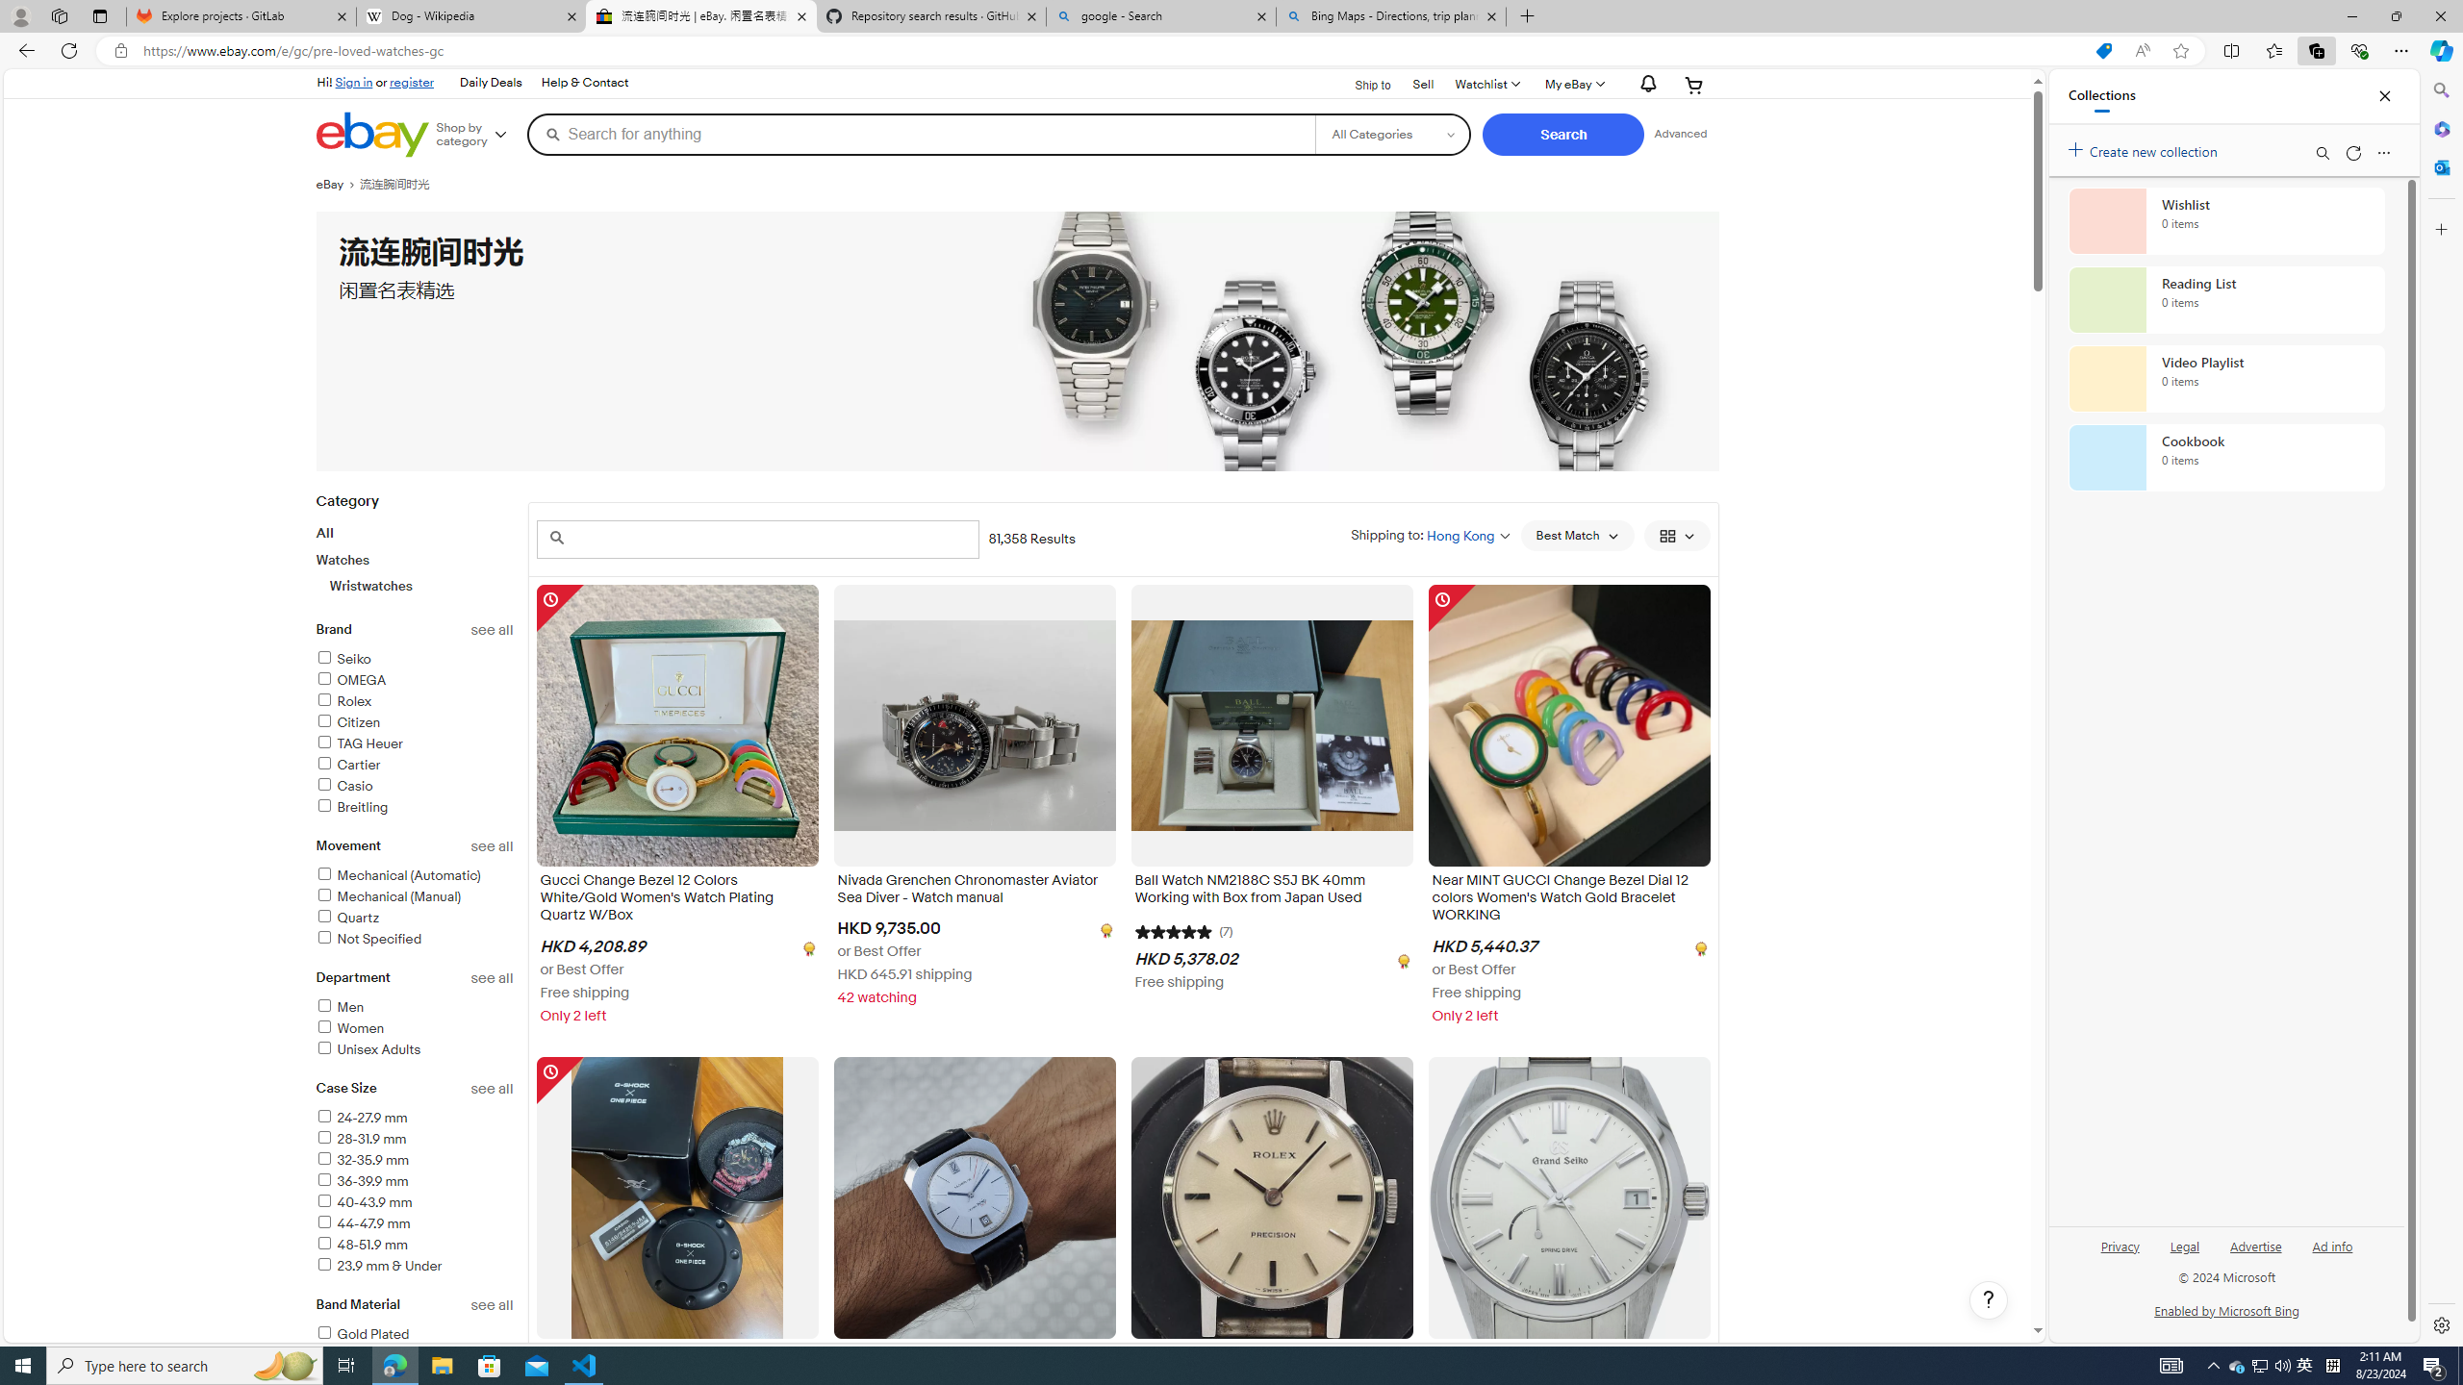  What do you see at coordinates (492, 1304) in the screenshot?
I see `'See all band material refinements'` at bounding box center [492, 1304].